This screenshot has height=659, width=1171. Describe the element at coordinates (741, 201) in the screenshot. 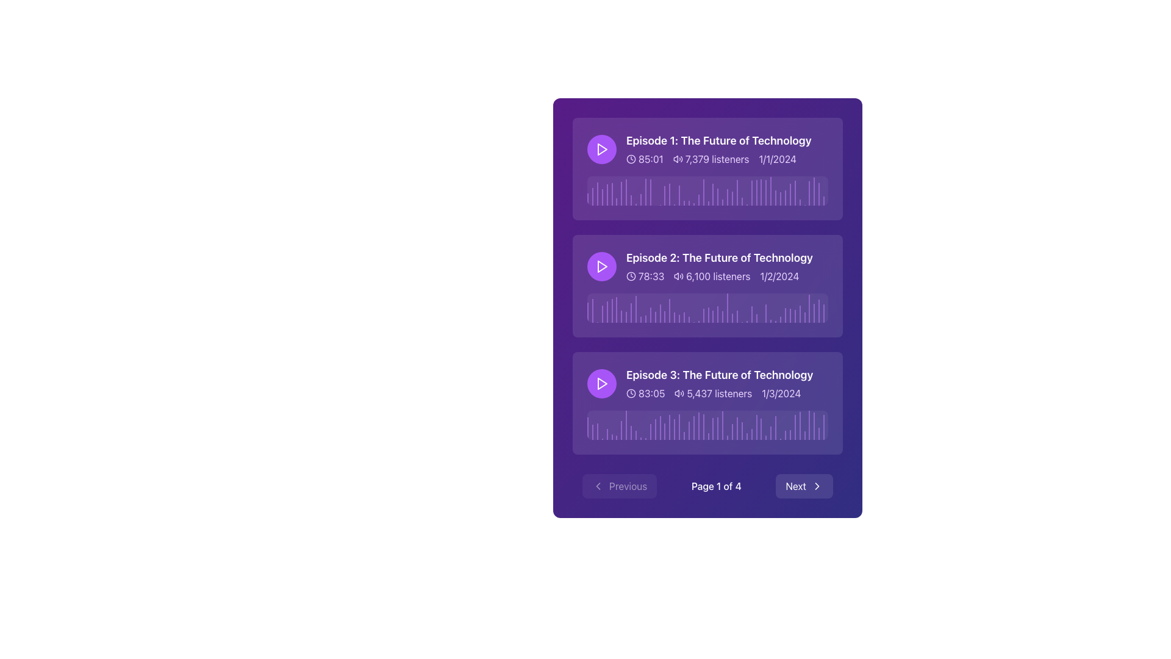

I see `the purple semi-transparent vertical bar within the waveform graphical display under the header 'Episode 1: The Future of Technology'` at that location.